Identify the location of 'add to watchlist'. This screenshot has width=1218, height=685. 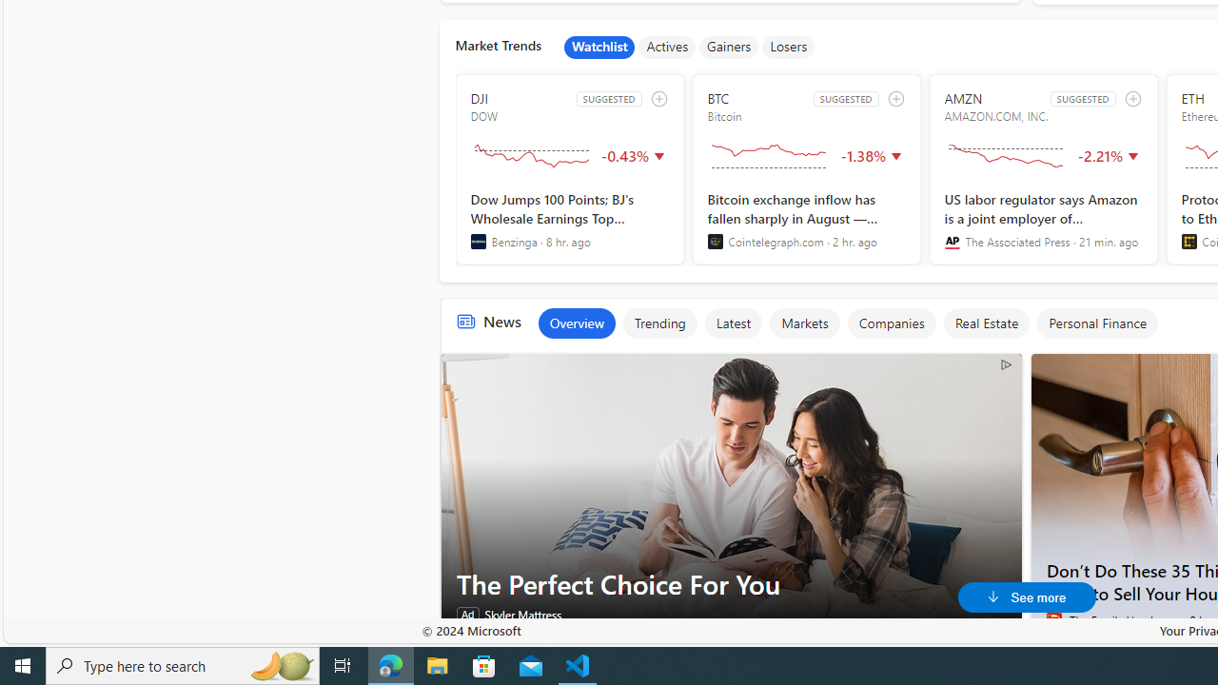
(1132, 99).